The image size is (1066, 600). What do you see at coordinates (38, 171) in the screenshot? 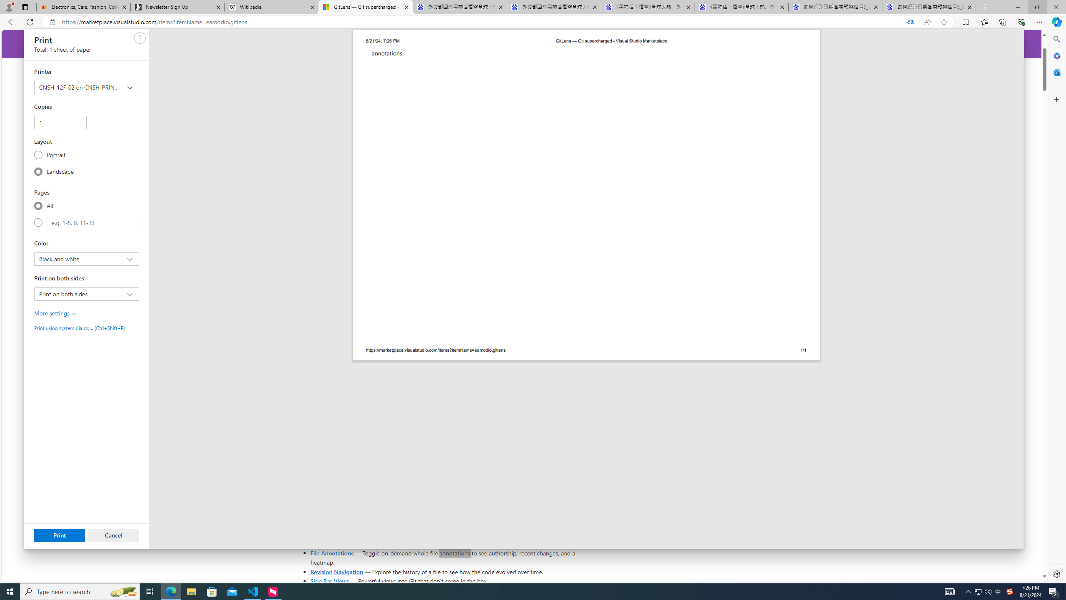
I see `'Landscape'` at bounding box center [38, 171].